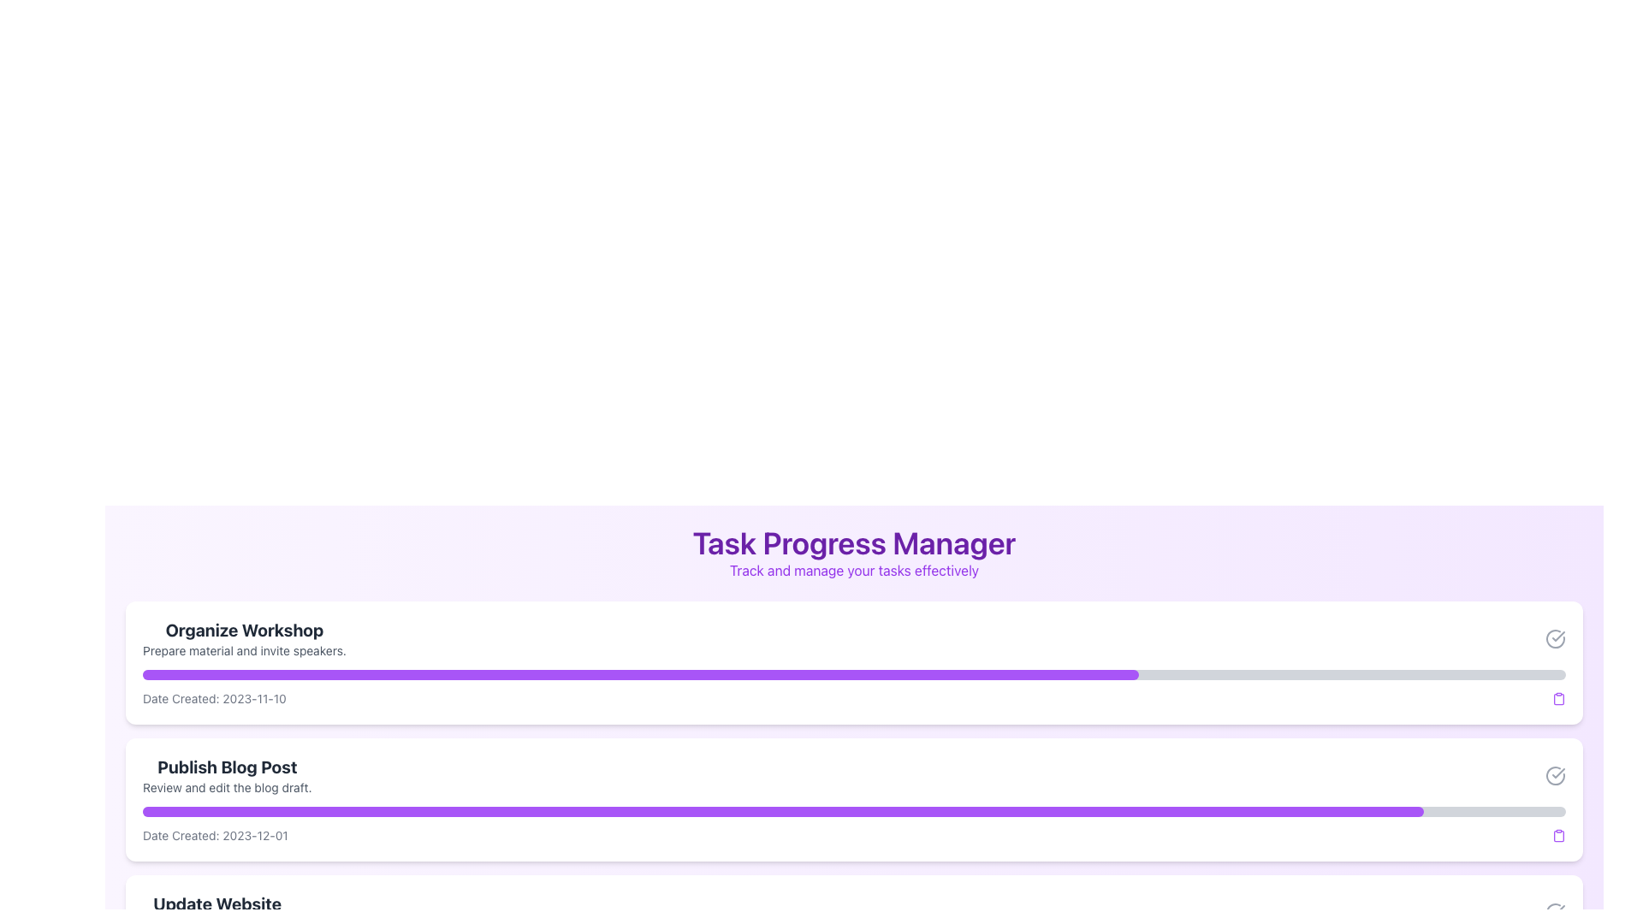 Image resolution: width=1643 pixels, height=924 pixels. What do you see at coordinates (1558, 909) in the screenshot?
I see `the completion status icon located in the top-right corner of the card-like component, which signifies task completion` at bounding box center [1558, 909].